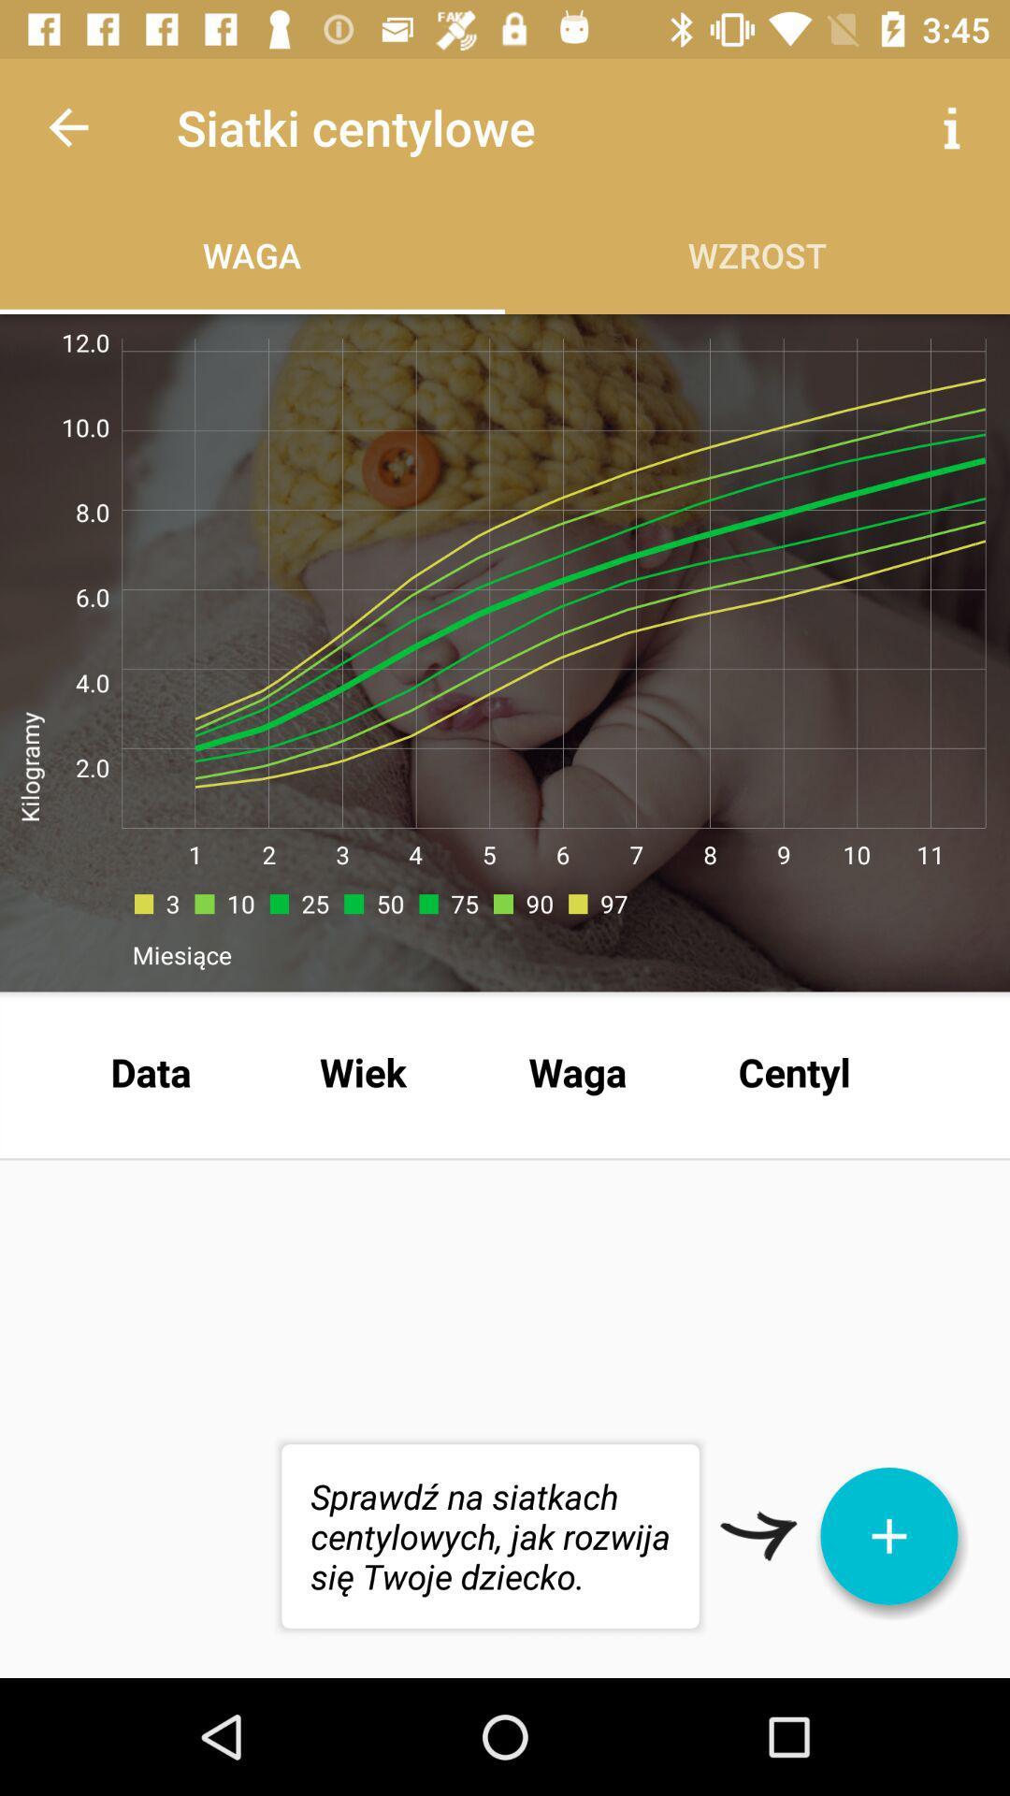 The image size is (1010, 1796). Describe the element at coordinates (951, 126) in the screenshot. I see `item next to the siatki centylowe app` at that location.